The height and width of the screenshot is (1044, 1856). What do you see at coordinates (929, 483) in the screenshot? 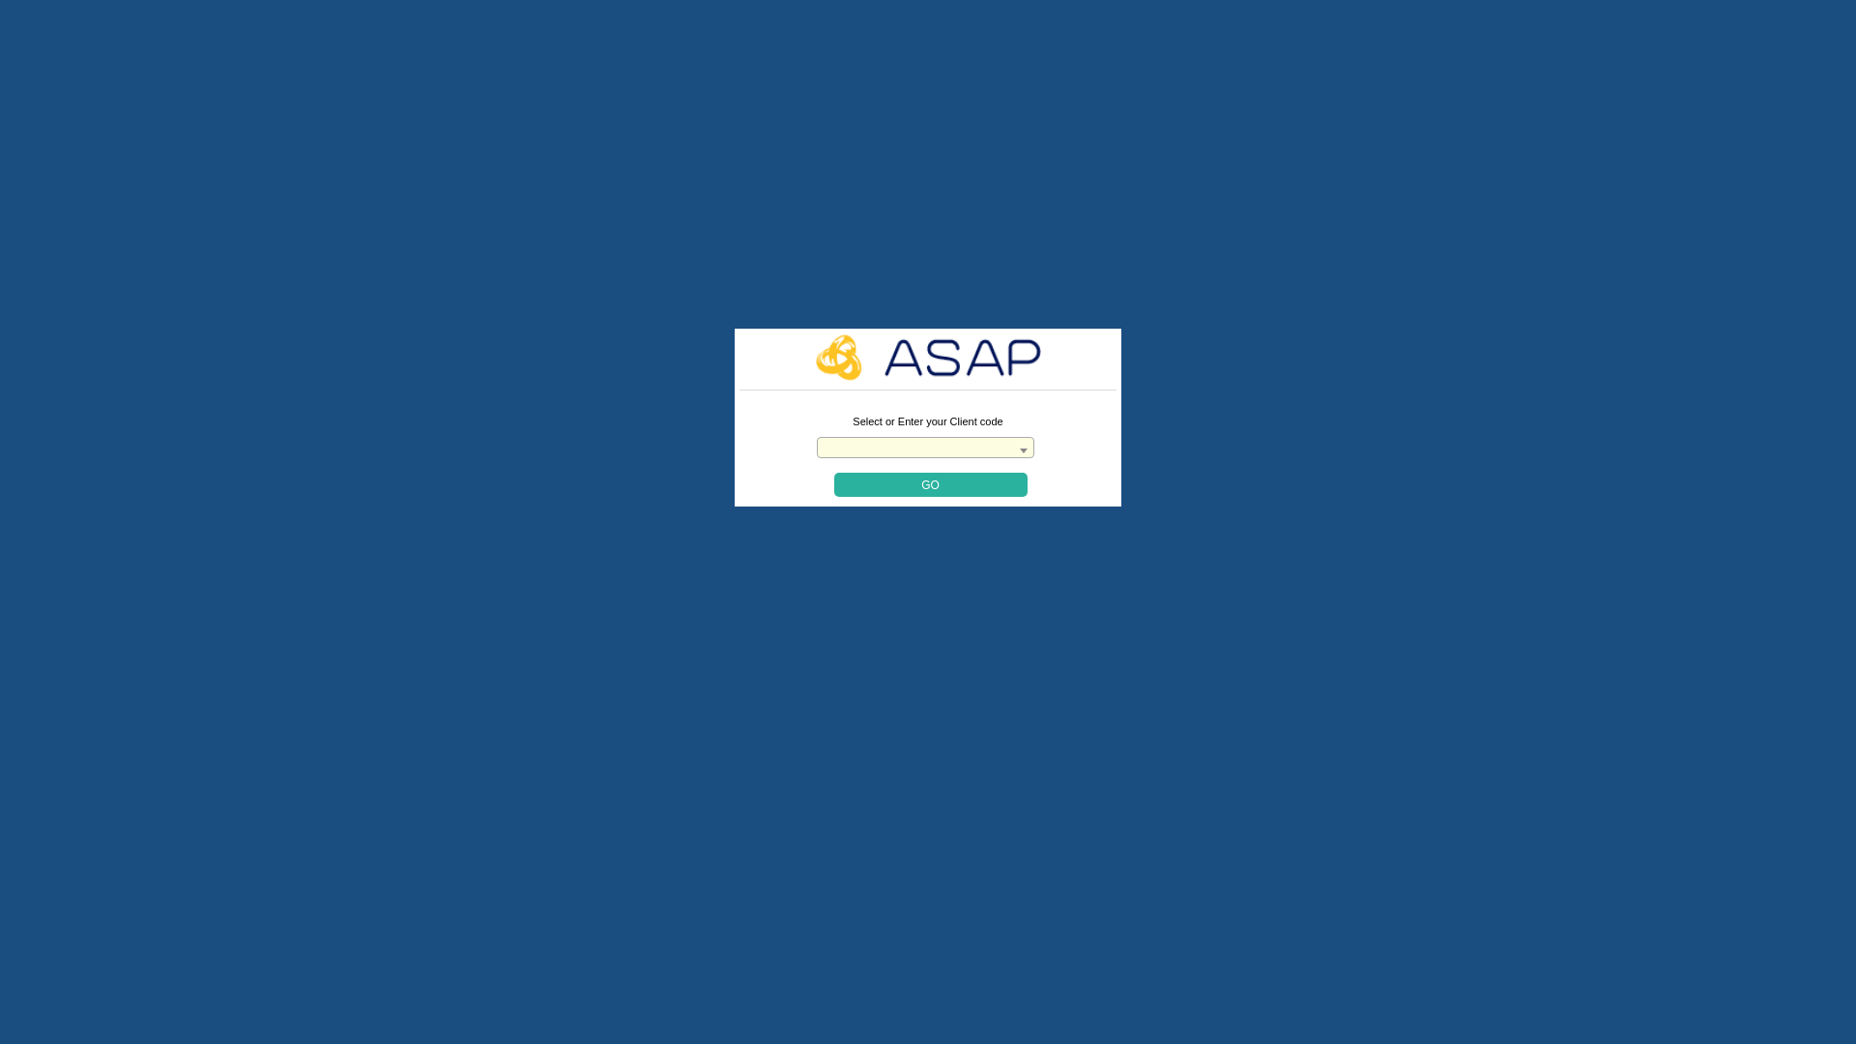
I see `'Go'` at bounding box center [929, 483].